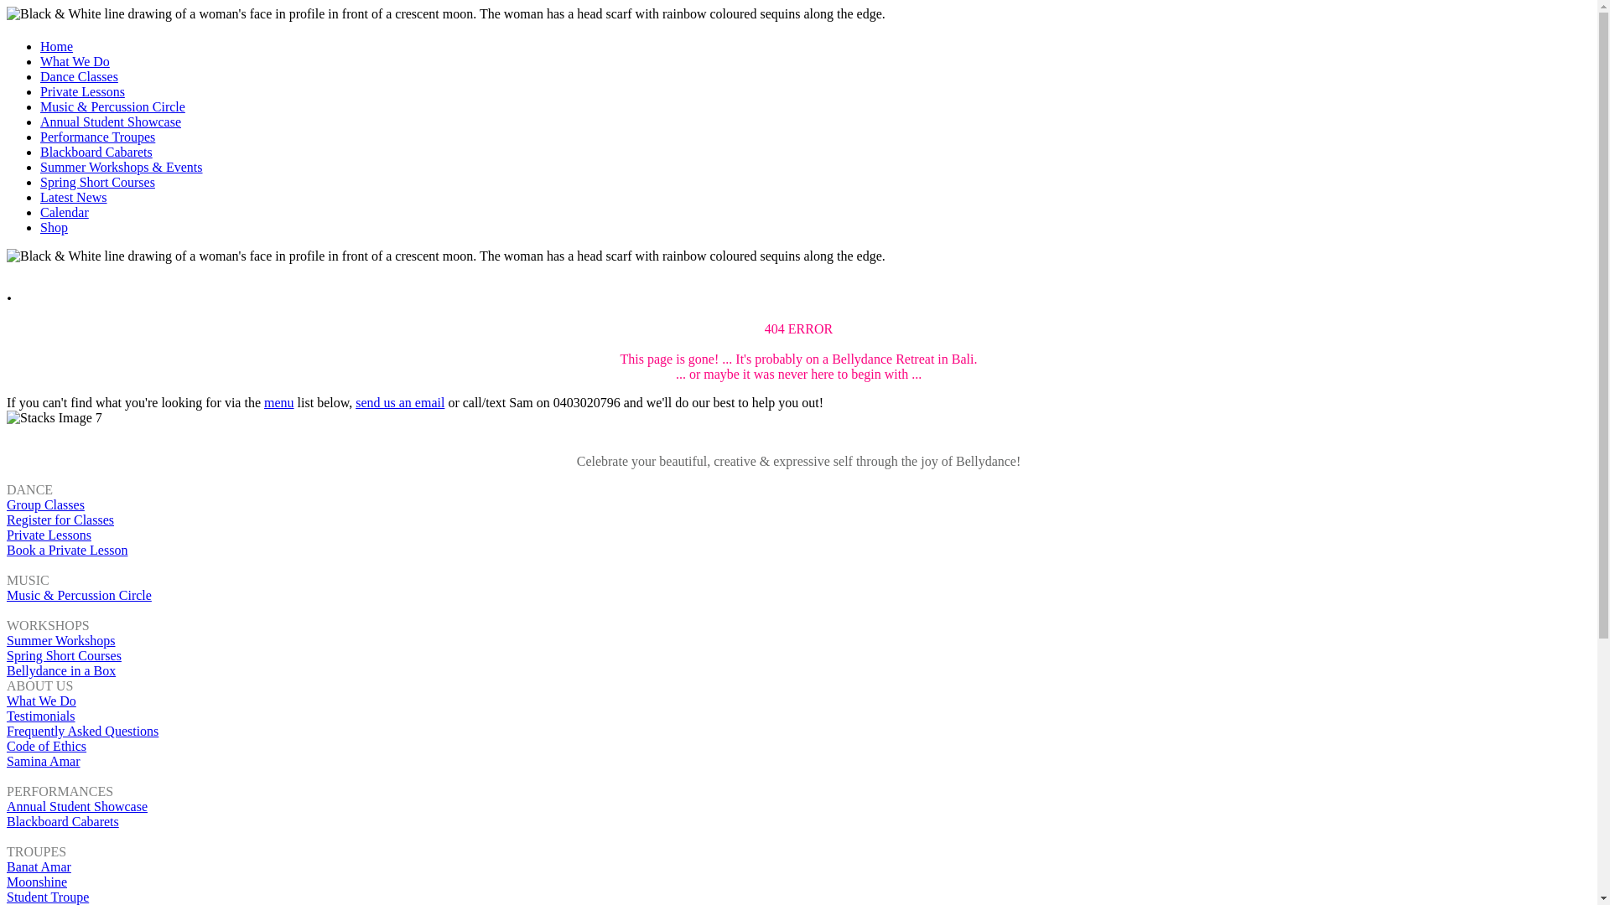 The width and height of the screenshot is (1610, 905). Describe the element at coordinates (74, 60) in the screenshot. I see `'What We Do'` at that location.